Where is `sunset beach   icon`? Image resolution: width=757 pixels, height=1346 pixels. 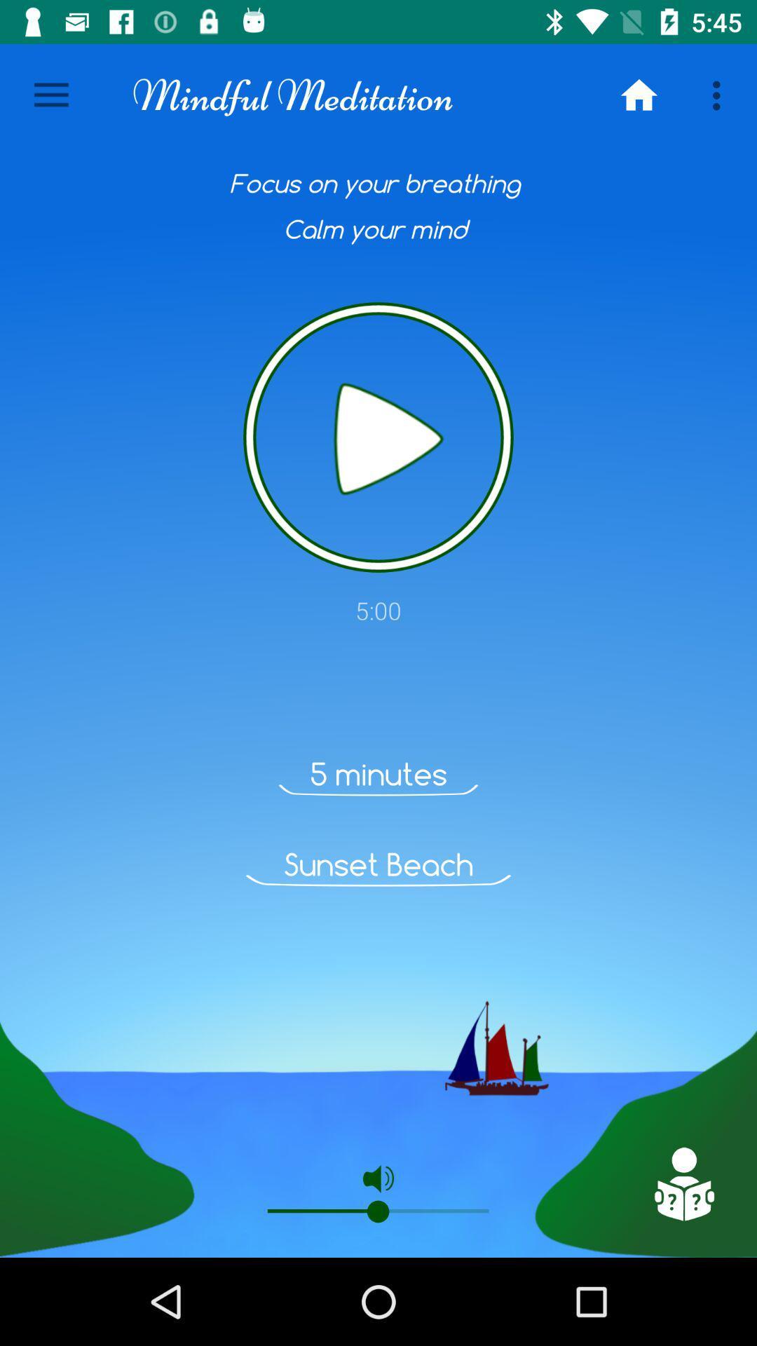
sunset beach   icon is located at coordinates (378, 864).